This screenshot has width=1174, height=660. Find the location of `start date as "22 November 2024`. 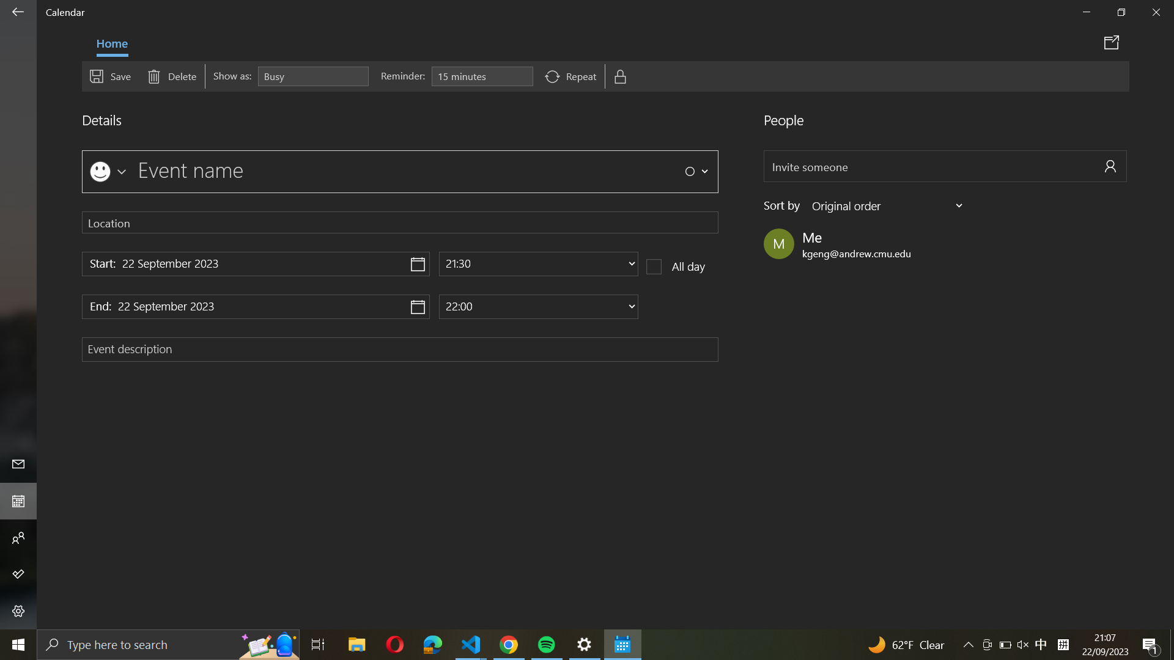

start date as "22 November 2024 is located at coordinates (255, 263).